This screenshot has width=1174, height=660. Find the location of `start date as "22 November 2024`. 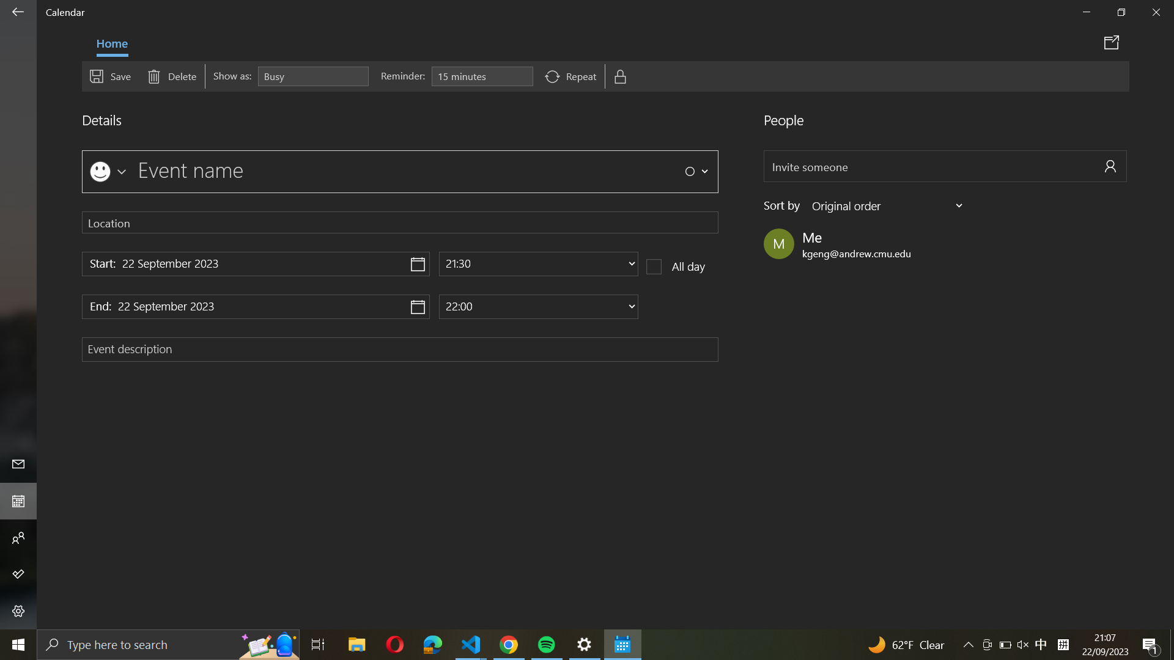

start date as "22 November 2024 is located at coordinates (255, 263).